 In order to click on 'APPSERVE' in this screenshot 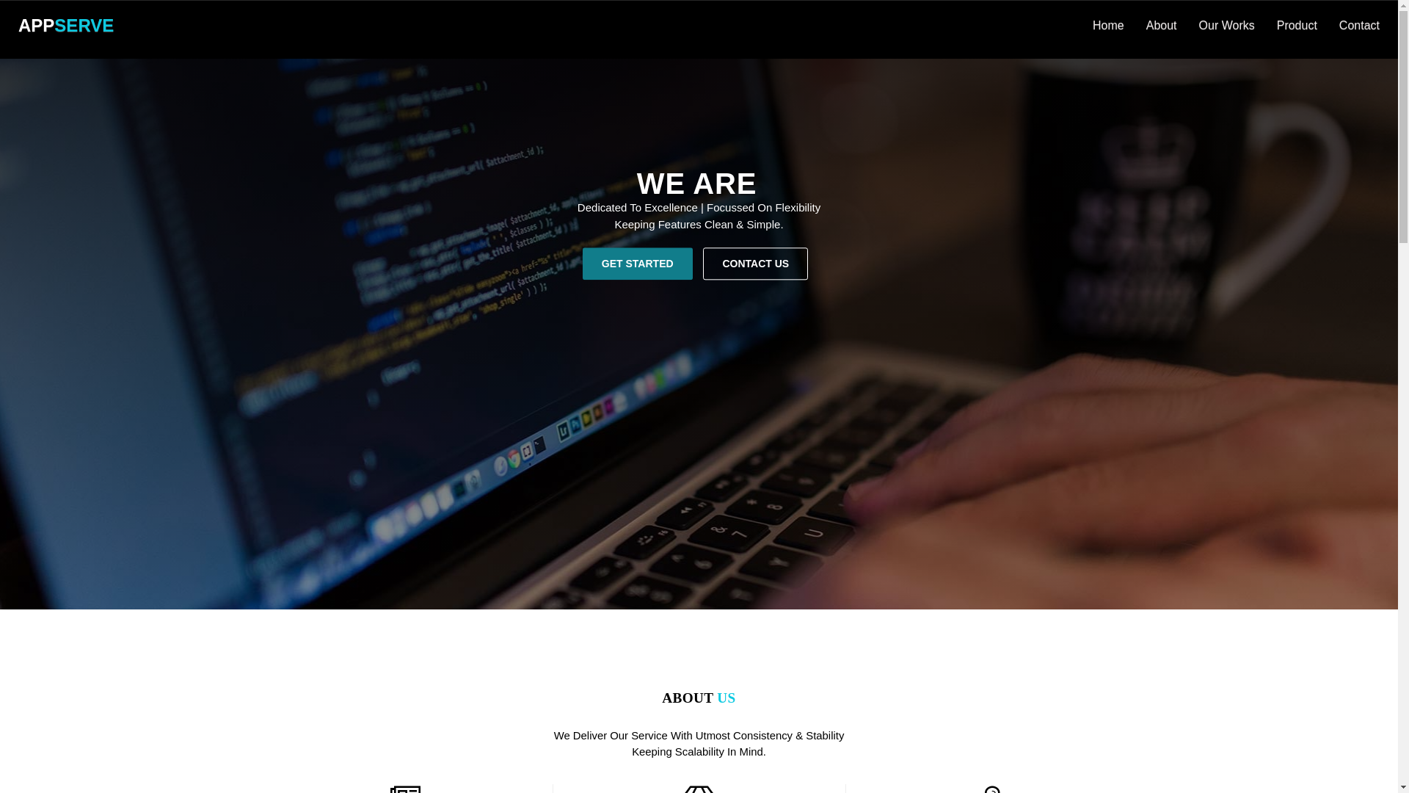, I will do `click(65, 25)`.